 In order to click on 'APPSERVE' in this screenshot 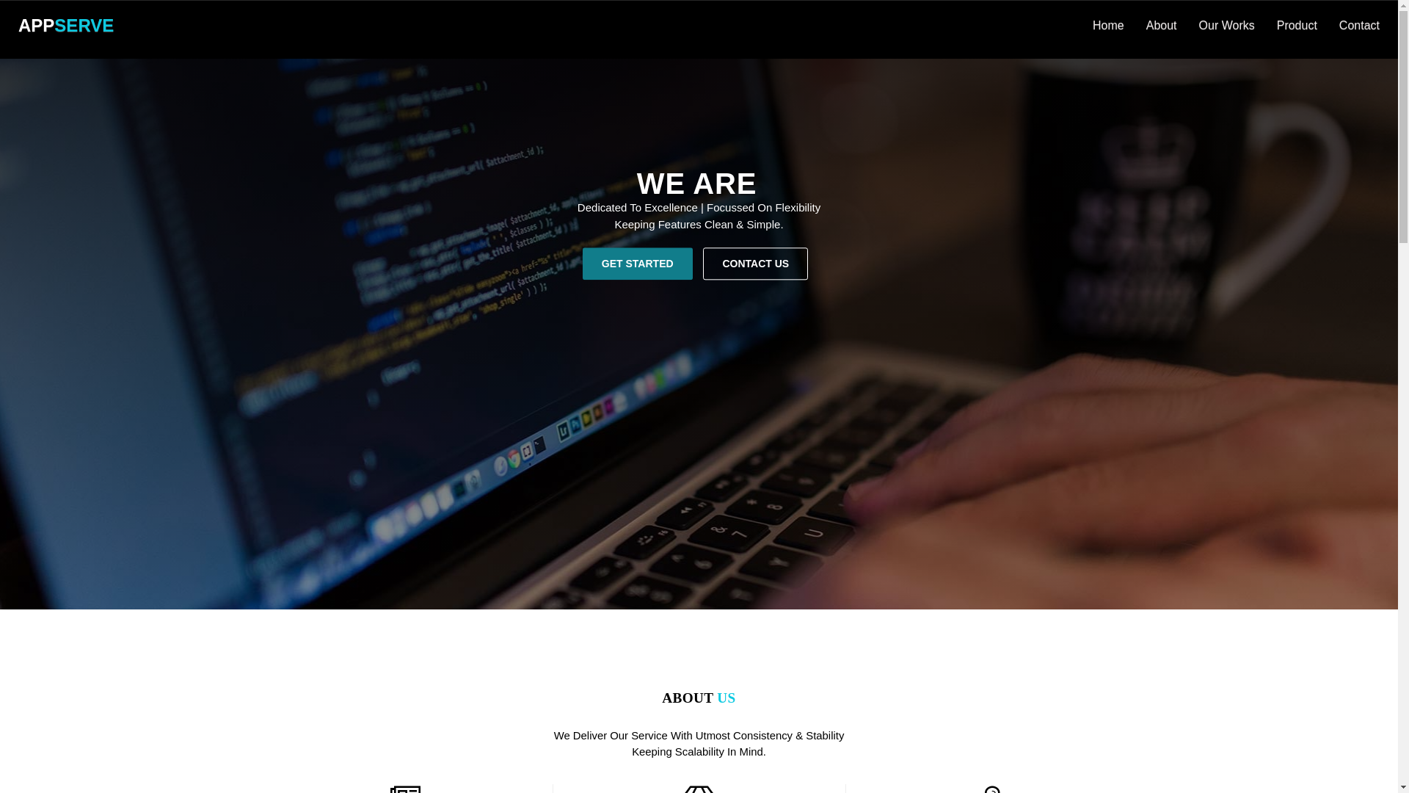, I will do `click(65, 25)`.